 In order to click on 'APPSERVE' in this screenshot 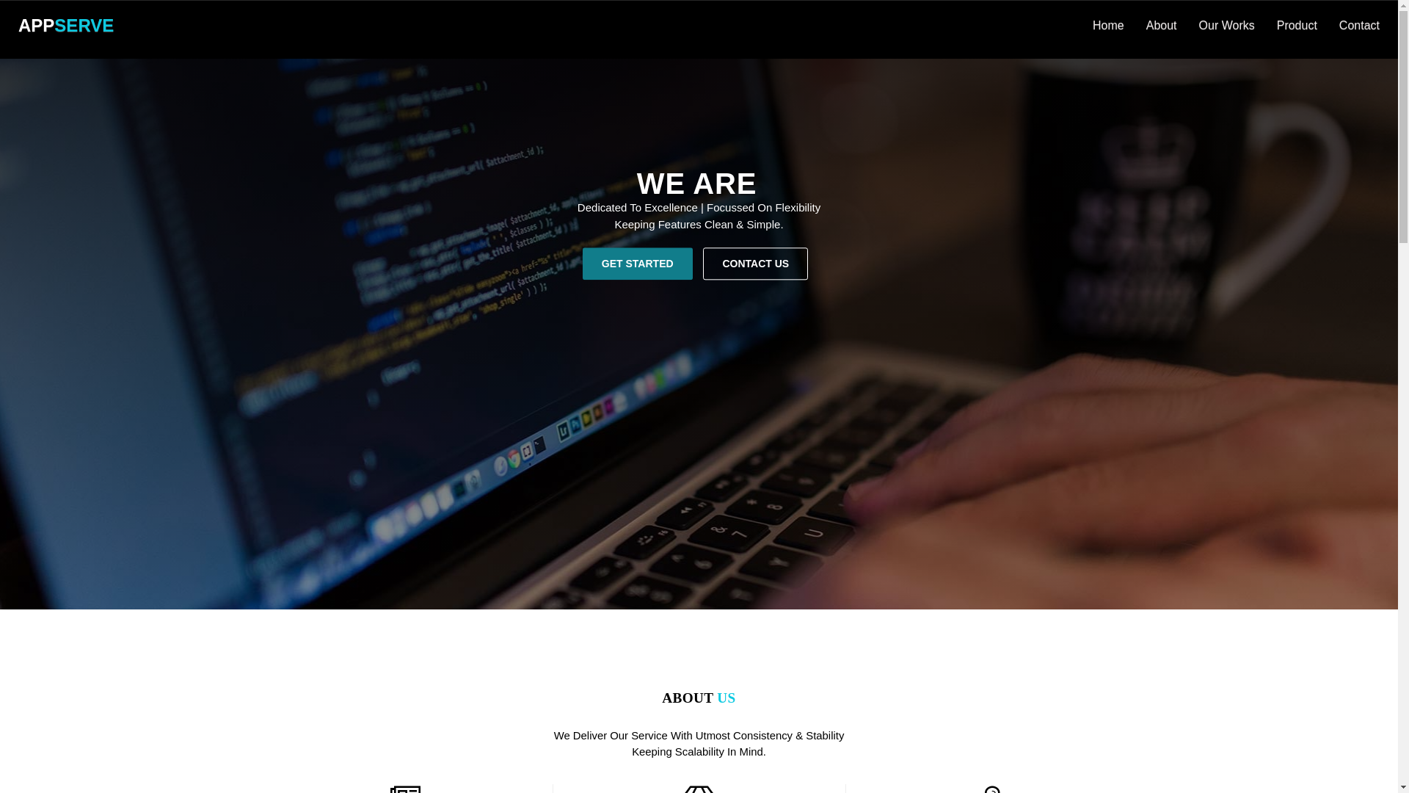, I will do `click(65, 25)`.